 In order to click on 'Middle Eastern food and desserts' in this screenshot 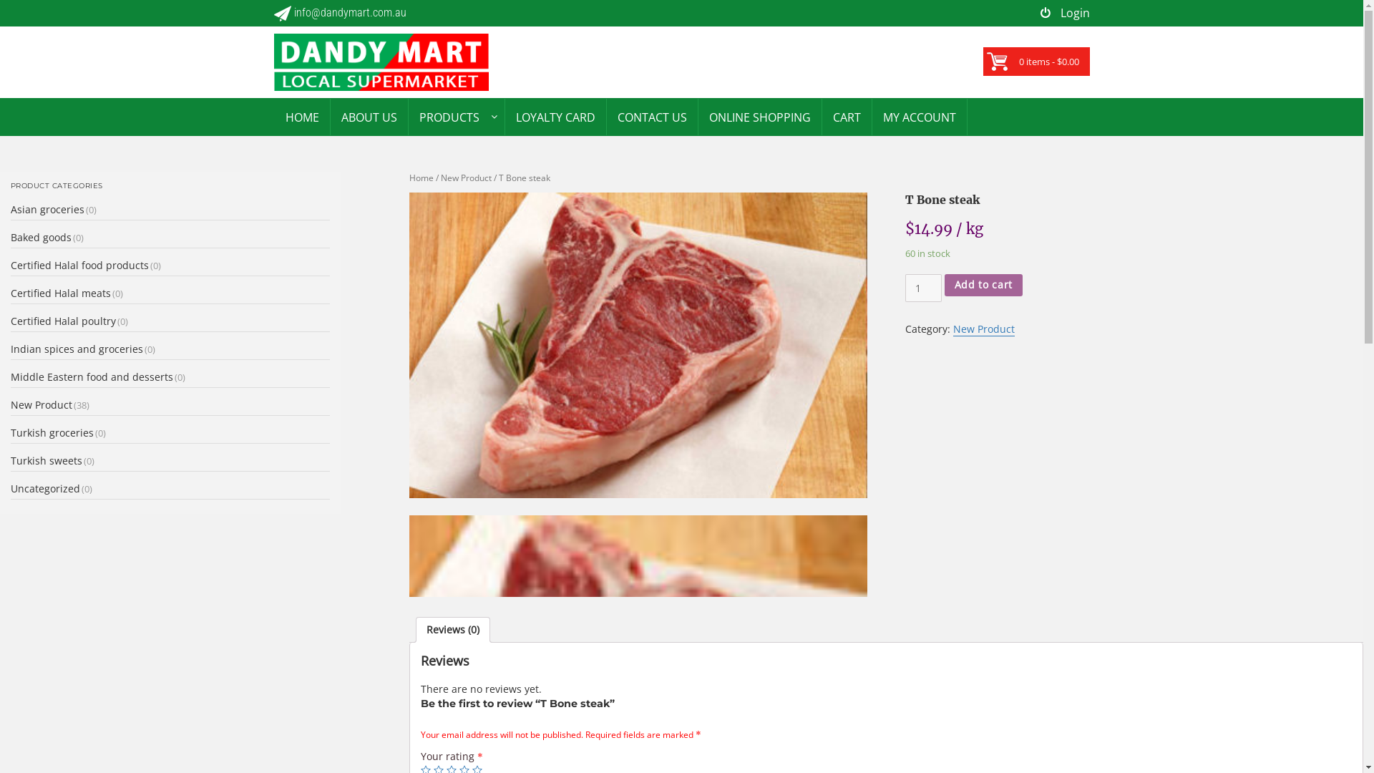, I will do `click(91, 376)`.